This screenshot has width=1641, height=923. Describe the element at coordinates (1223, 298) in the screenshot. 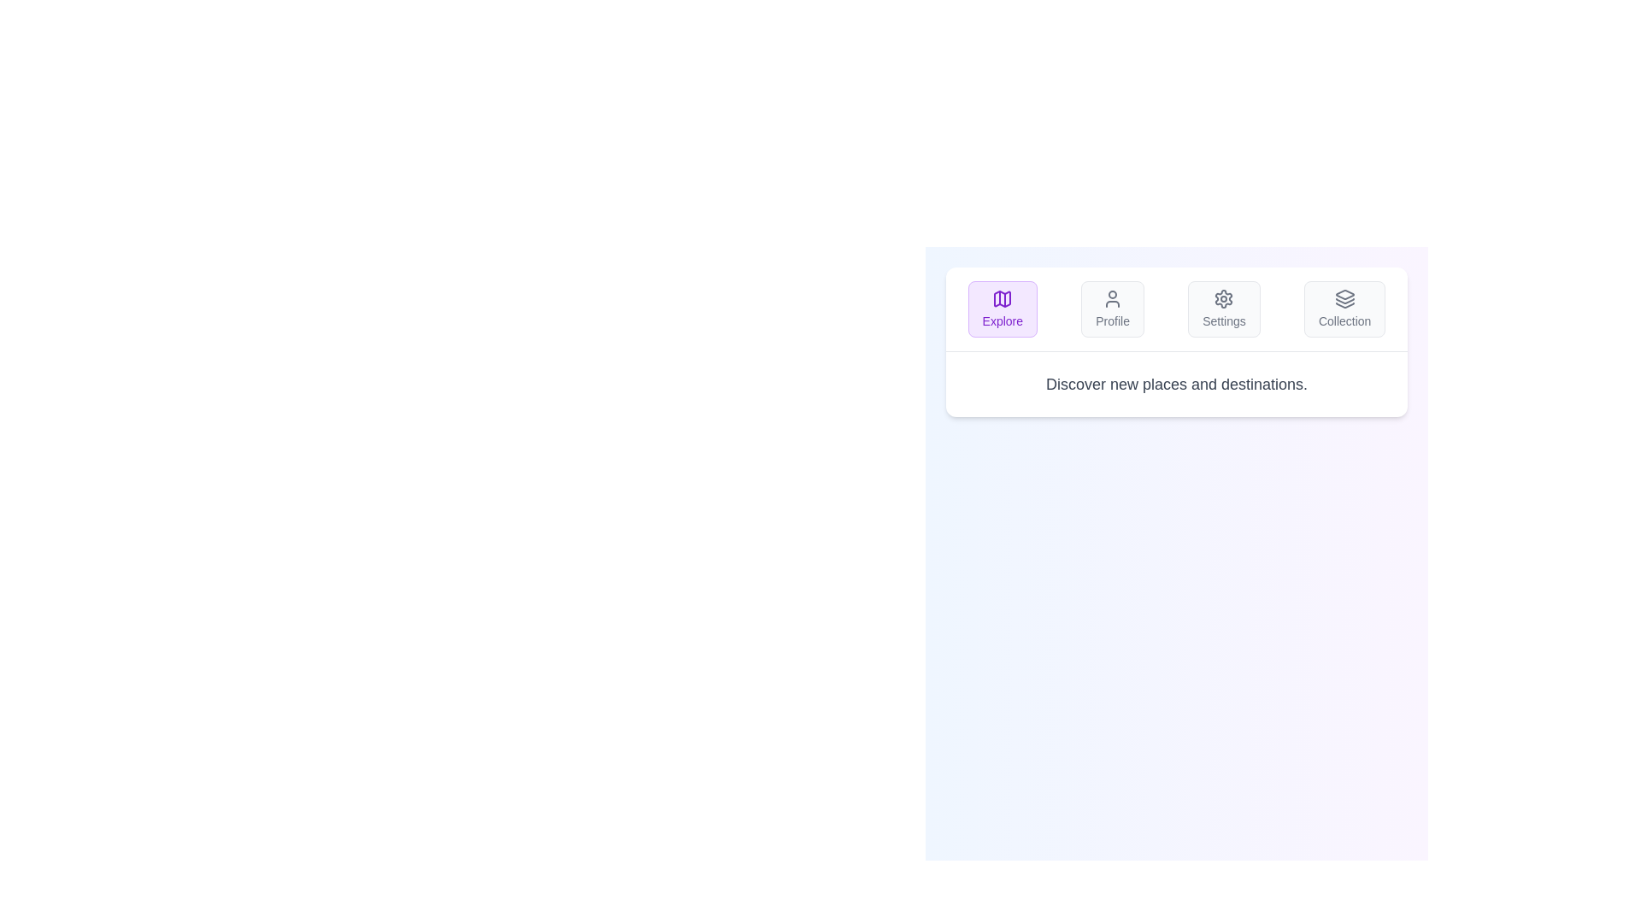

I see `the circular gear-shaped settings icon located within the 'Settings' button, which is the third item in the navigation bar at the top-right section of the interface` at that location.